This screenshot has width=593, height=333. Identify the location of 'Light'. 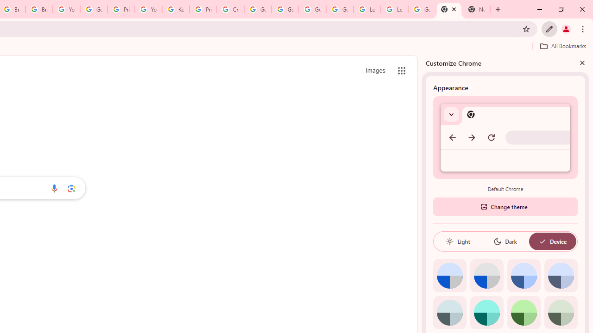
(458, 241).